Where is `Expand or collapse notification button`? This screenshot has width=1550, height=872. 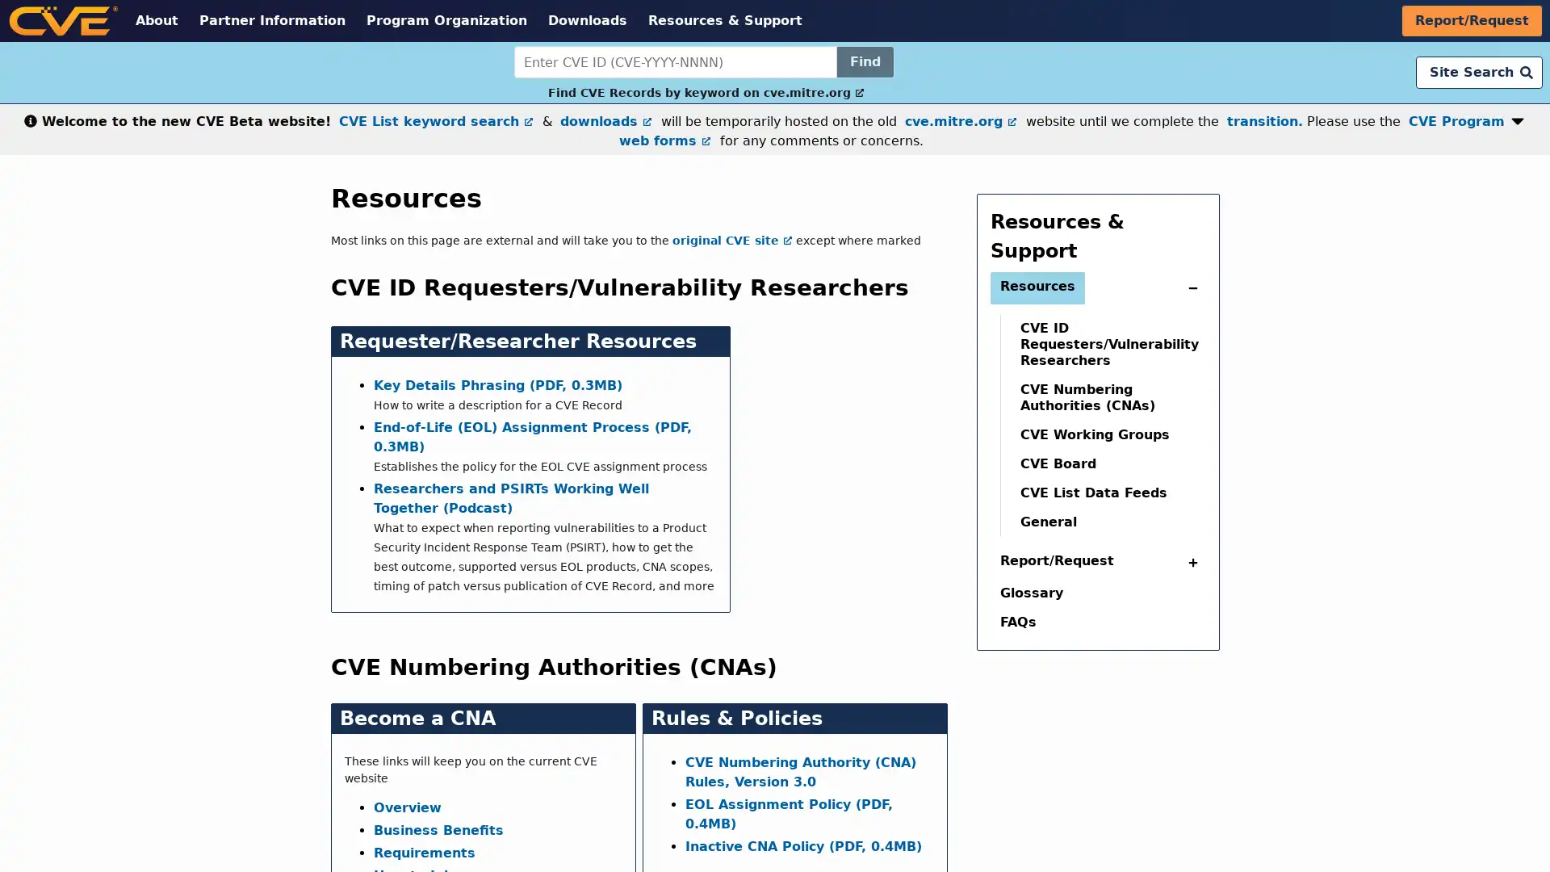 Expand or collapse notification button is located at coordinates (1518, 117).